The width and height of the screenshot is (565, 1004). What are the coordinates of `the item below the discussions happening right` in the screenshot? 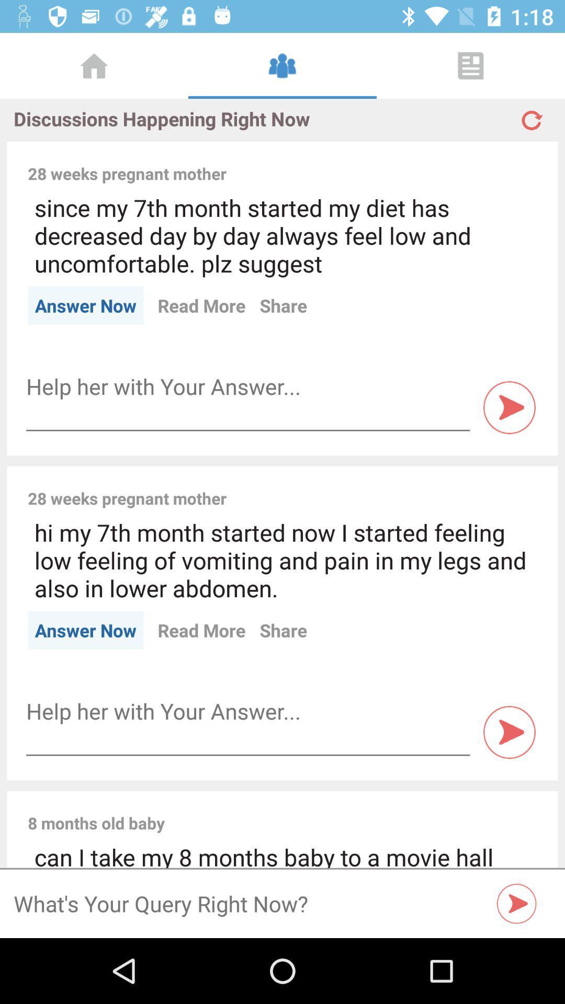 It's located at (389, 162).